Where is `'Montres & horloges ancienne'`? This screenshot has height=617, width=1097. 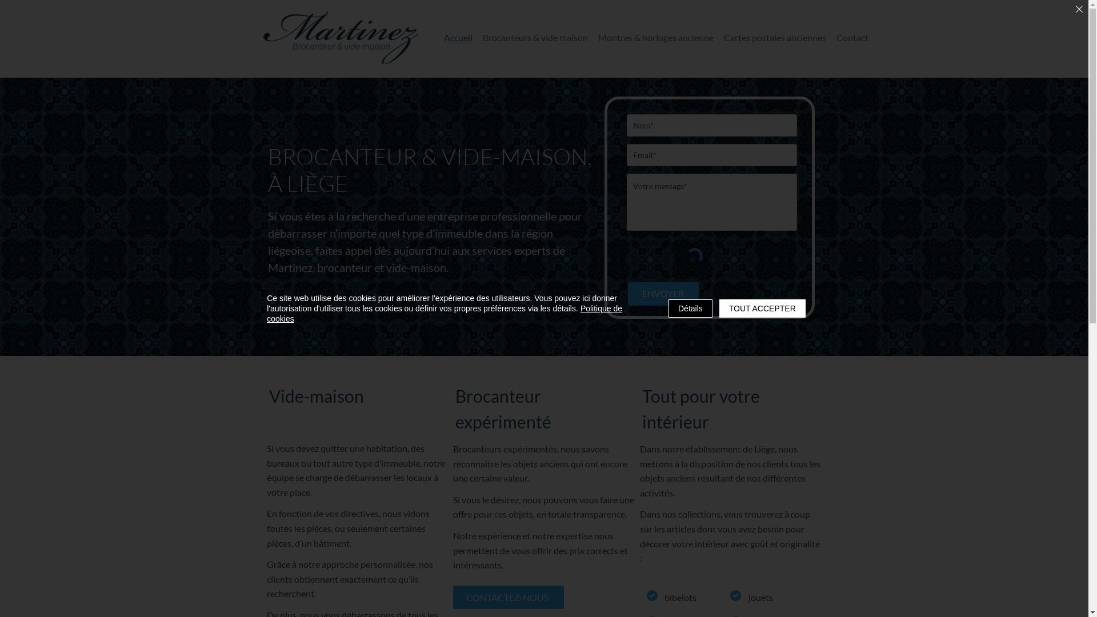
'Montres & horloges ancienne' is located at coordinates (655, 37).